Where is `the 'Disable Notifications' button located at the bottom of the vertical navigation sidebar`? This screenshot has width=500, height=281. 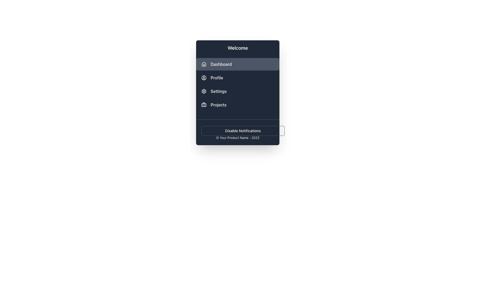 the 'Disable Notifications' button located at the bottom of the vertical navigation sidebar is located at coordinates (242, 130).